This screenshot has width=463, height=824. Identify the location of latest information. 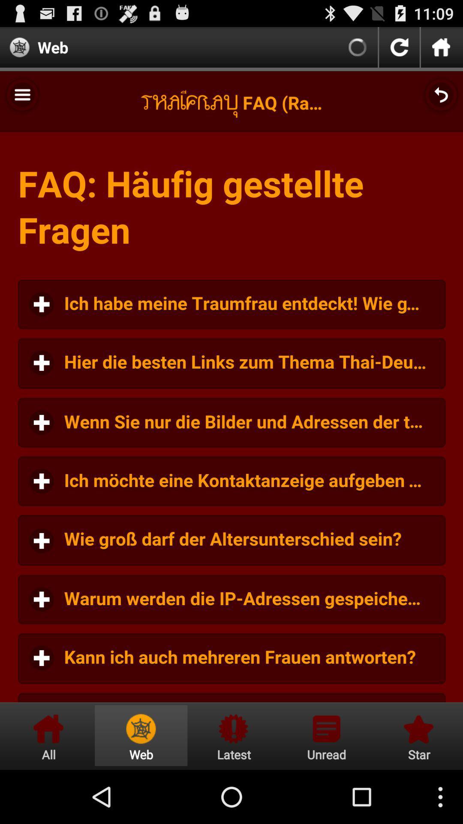
(234, 735).